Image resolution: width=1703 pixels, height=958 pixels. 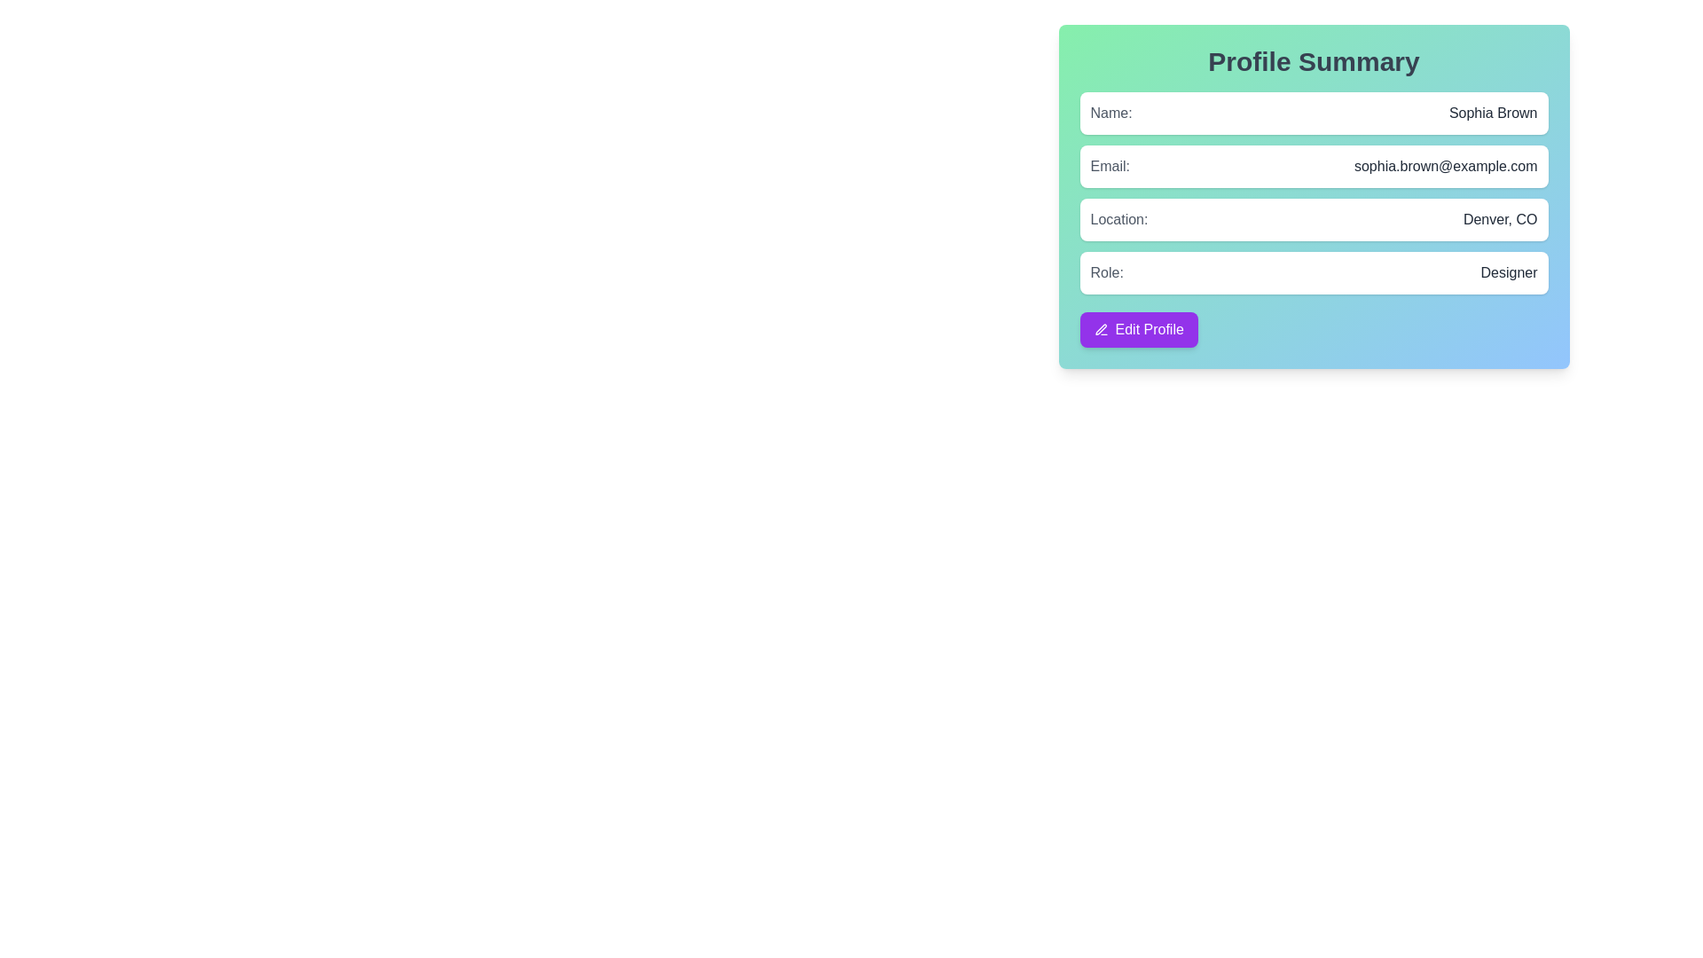 I want to click on the button located at the bottom of the 'Profile Summary' box to initiate editing of profile details, so click(x=1139, y=329).